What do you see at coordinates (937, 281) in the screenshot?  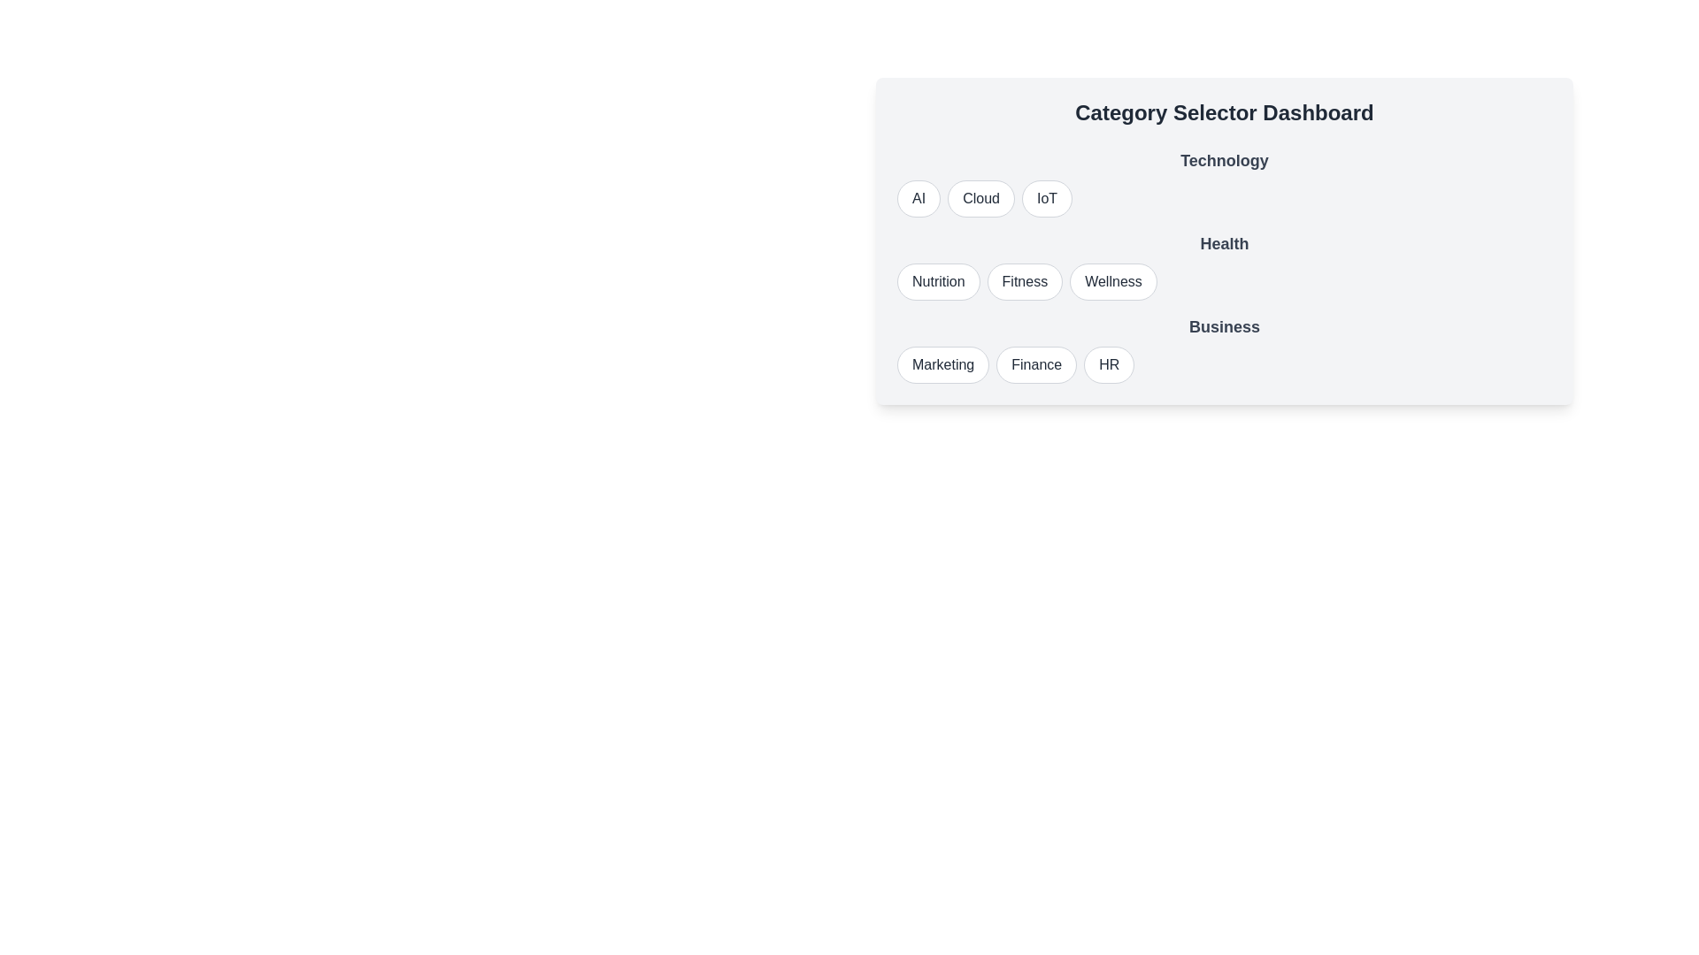 I see `the button labeled Nutrition to observe its visual change` at bounding box center [937, 281].